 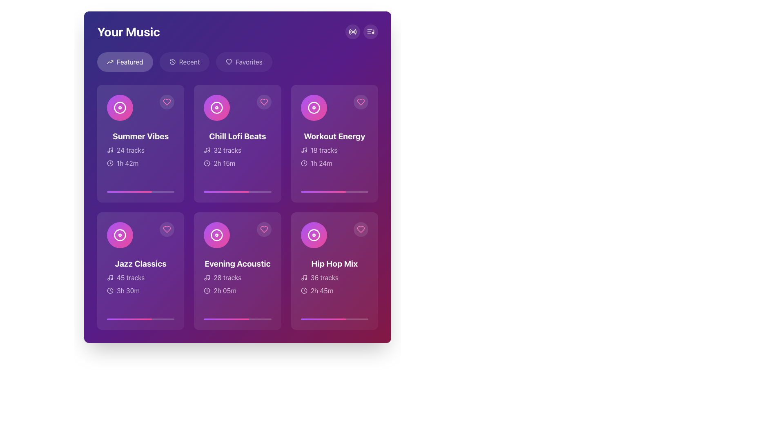 I want to click on the music icon representing audio tracks or playlists, which is located to the left of the text '36 tracks' in the 'Hip Hop Mix' card, so click(x=303, y=277).